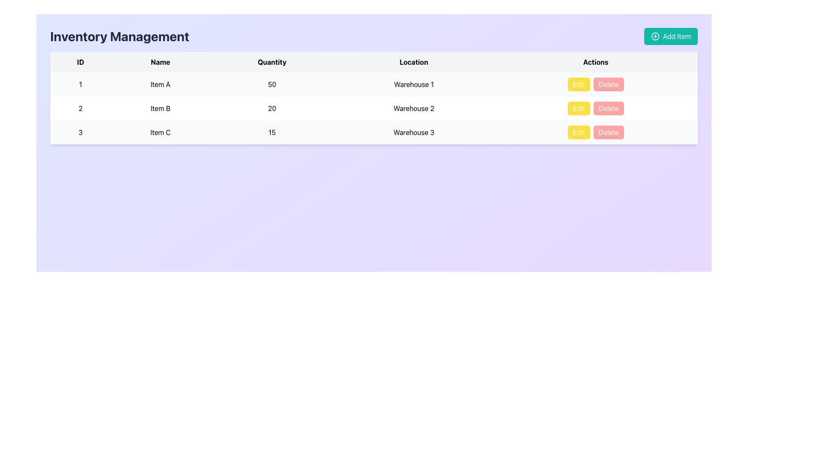 This screenshot has height=463, width=824. Describe the element at coordinates (595, 62) in the screenshot. I see `the table header labeled 'Actions', which is styled in bold and centered, located in the far-right column of the table header row` at that location.